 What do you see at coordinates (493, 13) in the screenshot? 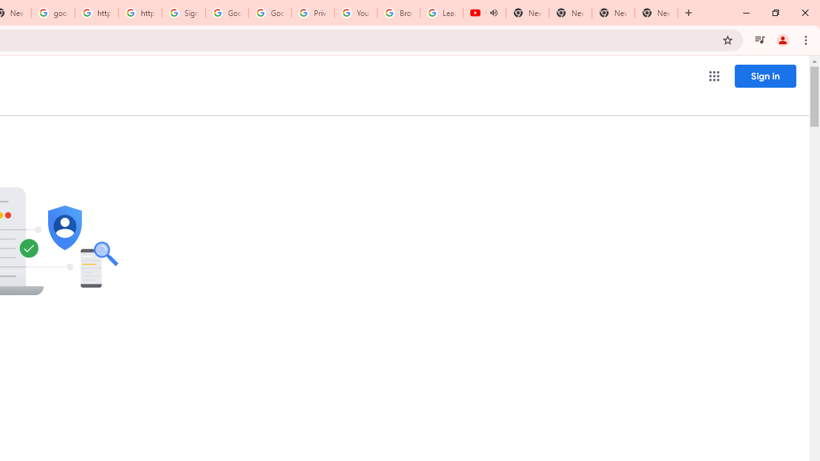
I see `'Mute tab'` at bounding box center [493, 13].